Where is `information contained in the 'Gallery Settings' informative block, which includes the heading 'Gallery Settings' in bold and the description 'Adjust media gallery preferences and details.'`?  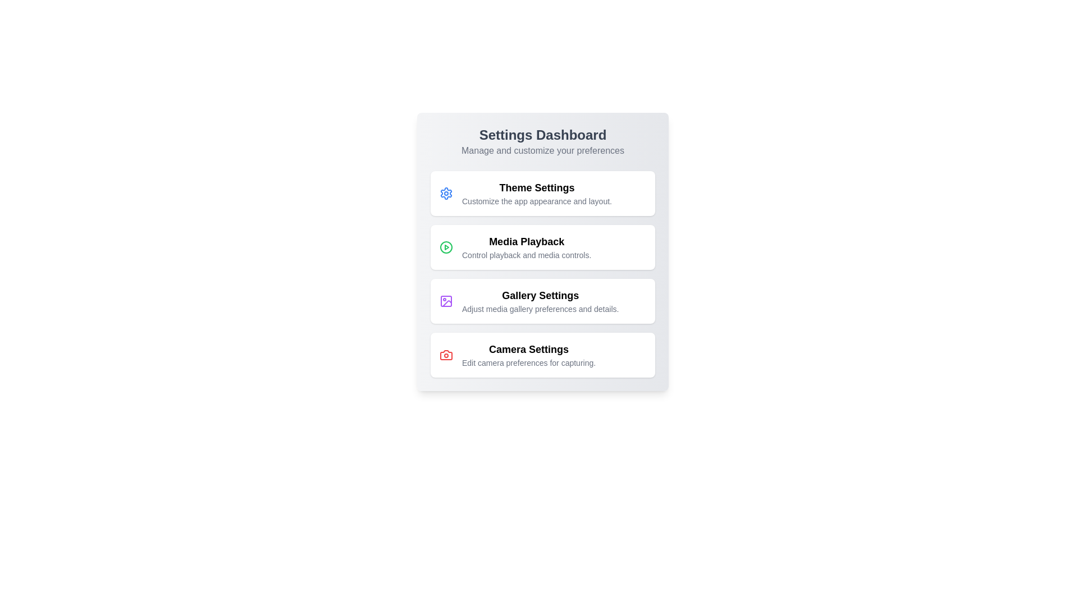
information contained in the 'Gallery Settings' informative block, which includes the heading 'Gallery Settings' in bold and the description 'Adjust media gallery preferences and details.' is located at coordinates (540, 300).